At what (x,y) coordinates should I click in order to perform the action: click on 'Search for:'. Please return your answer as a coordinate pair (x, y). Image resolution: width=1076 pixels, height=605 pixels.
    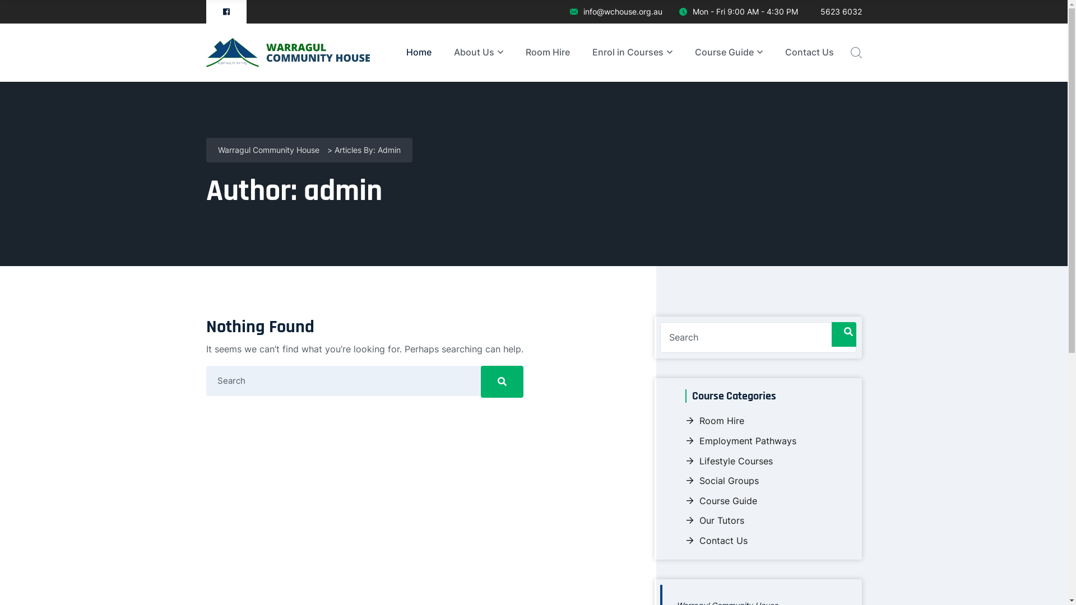
    Looking at the image, I should click on (365, 380).